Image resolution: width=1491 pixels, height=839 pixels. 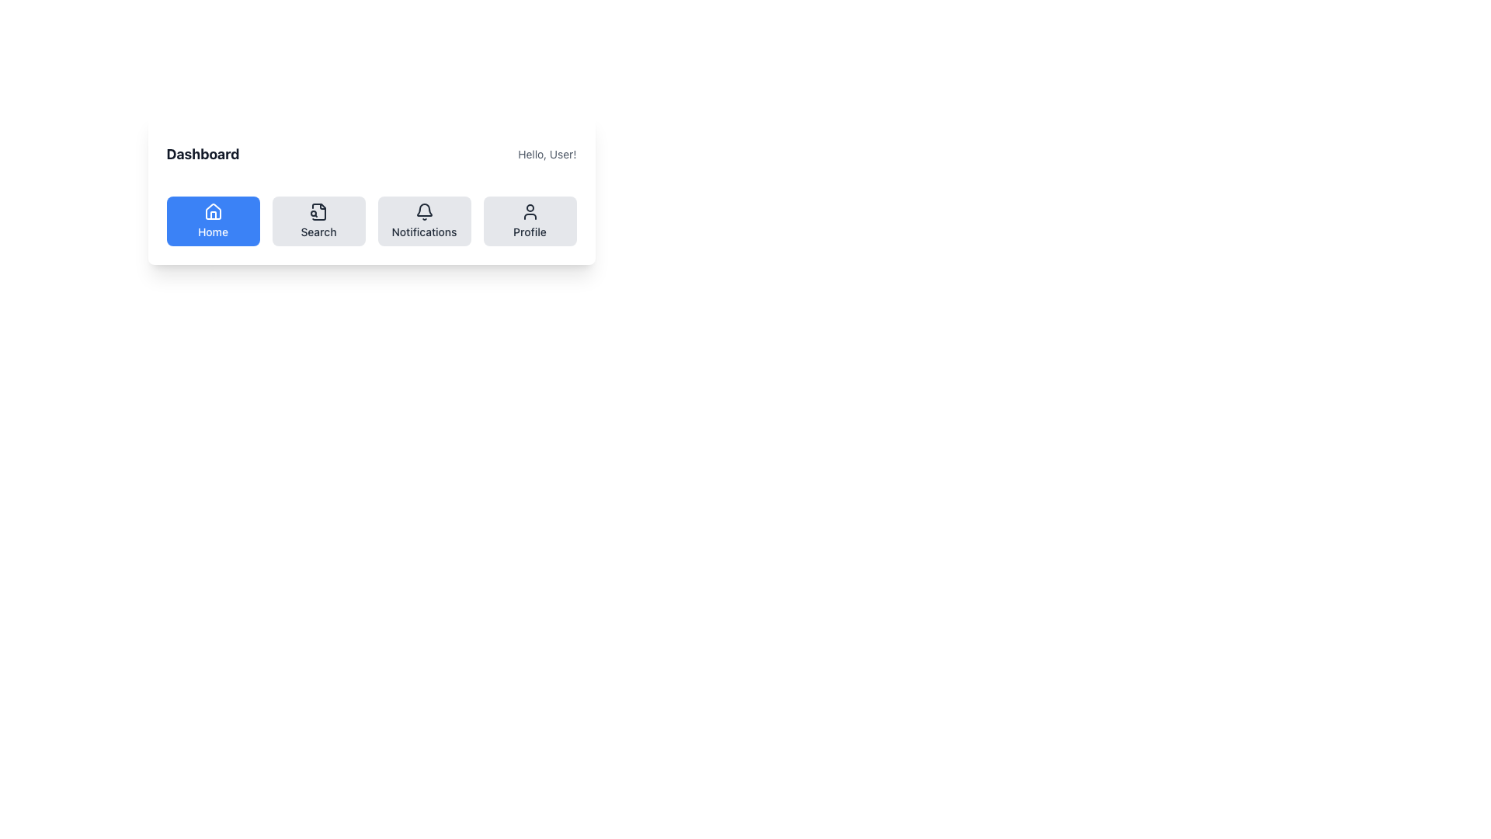 What do you see at coordinates (424, 232) in the screenshot?
I see `the 'Notifications' text label, which serves as a description for the button related to notifications, located in the third button of the horizontal navigation bar between 'Search' and 'Profile'` at bounding box center [424, 232].